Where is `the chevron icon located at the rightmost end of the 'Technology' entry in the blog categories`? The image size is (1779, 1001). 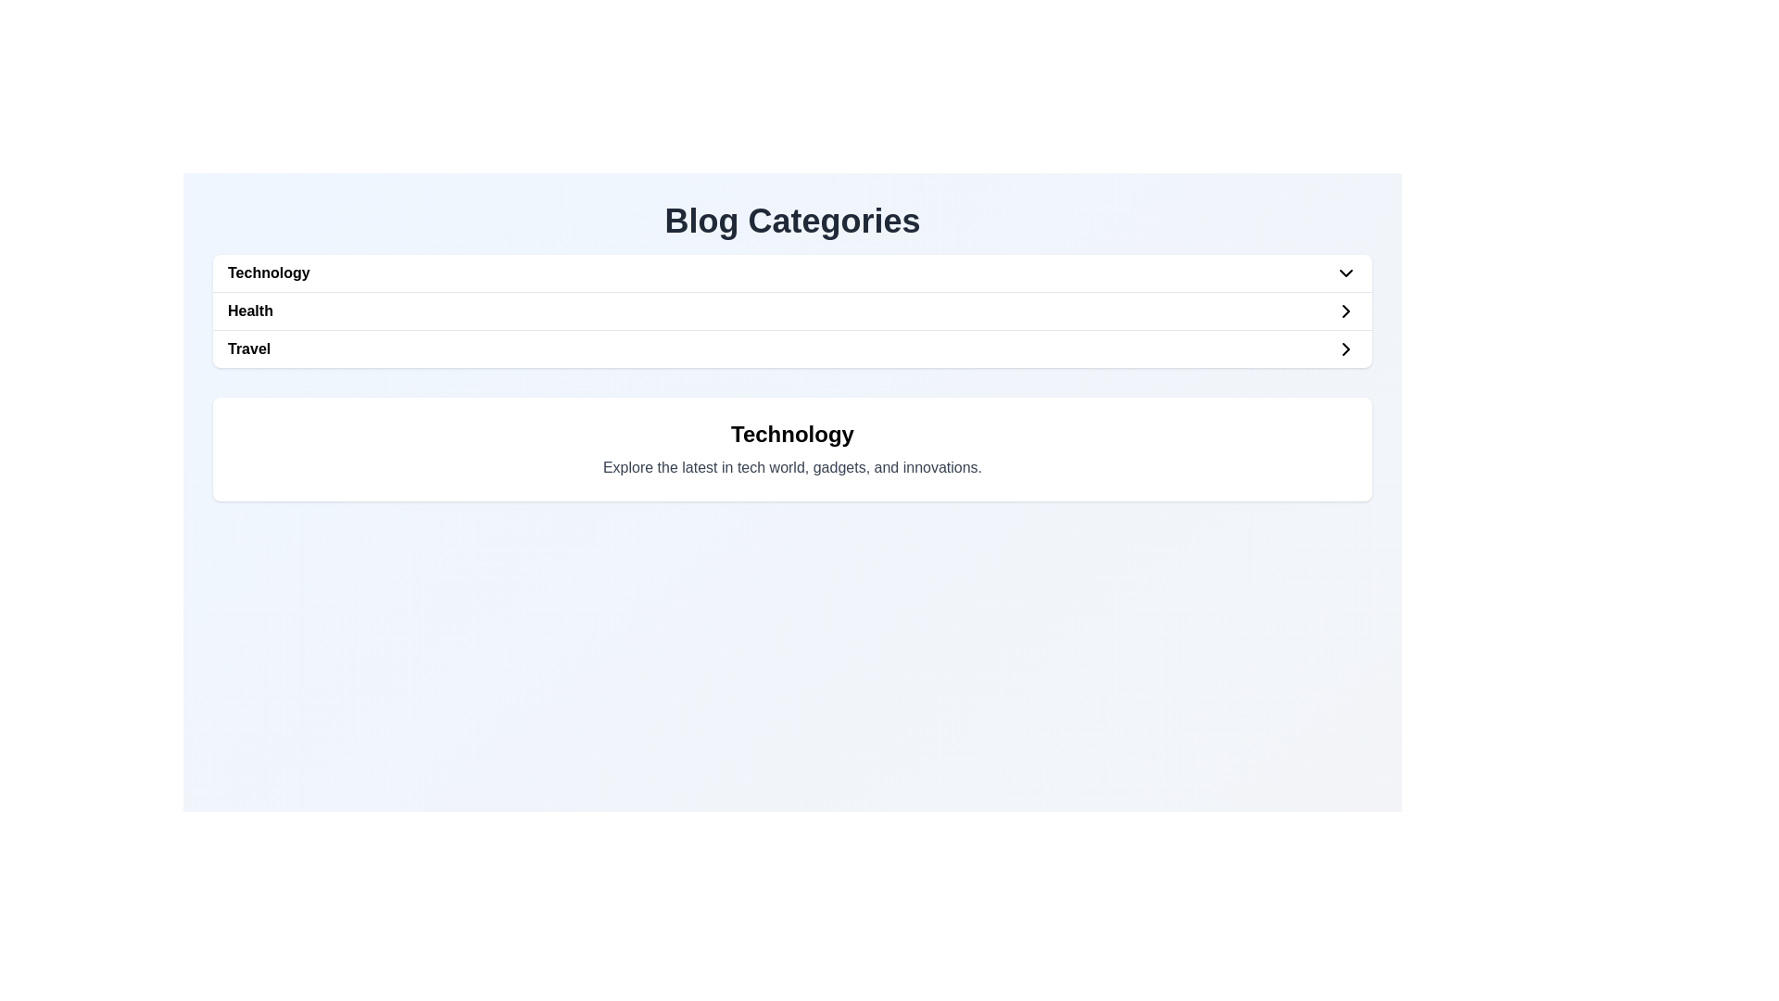 the chevron icon located at the rightmost end of the 'Technology' entry in the blog categories is located at coordinates (1346, 272).